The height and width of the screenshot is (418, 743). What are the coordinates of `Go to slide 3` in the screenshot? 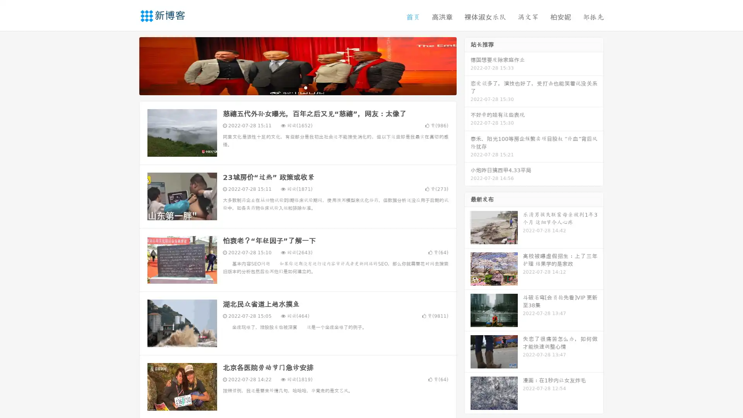 It's located at (305, 87).